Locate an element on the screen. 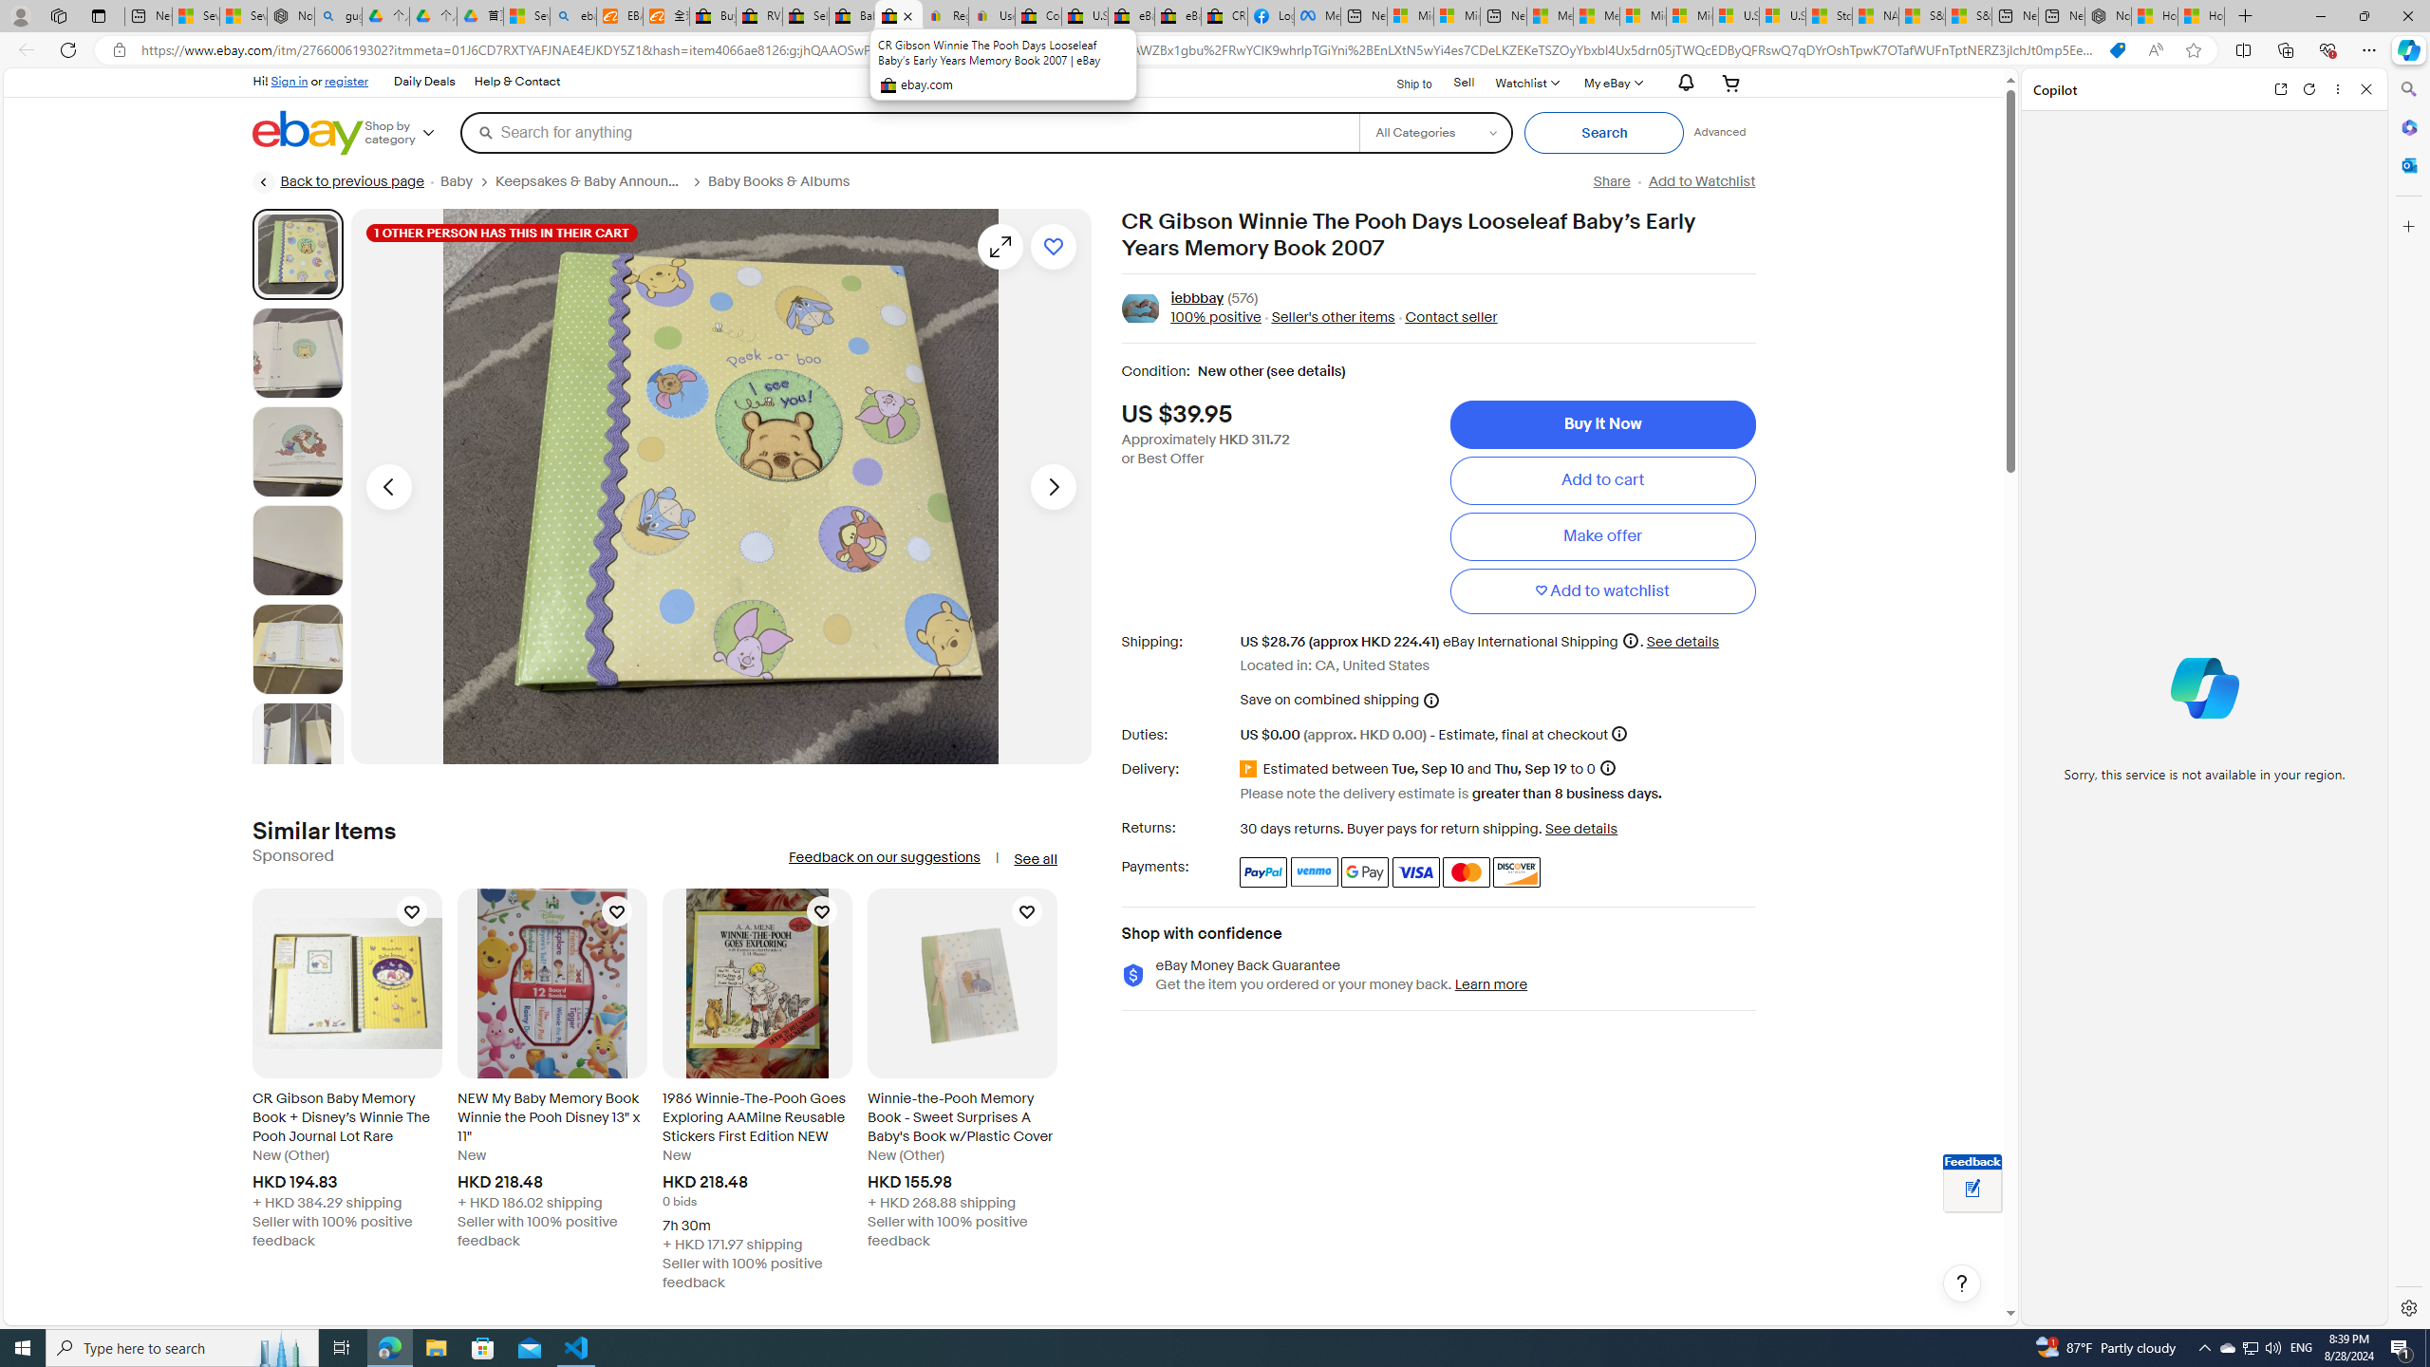 The image size is (2430, 1367). 'Picture 3 of 22' is located at coordinates (297, 450).